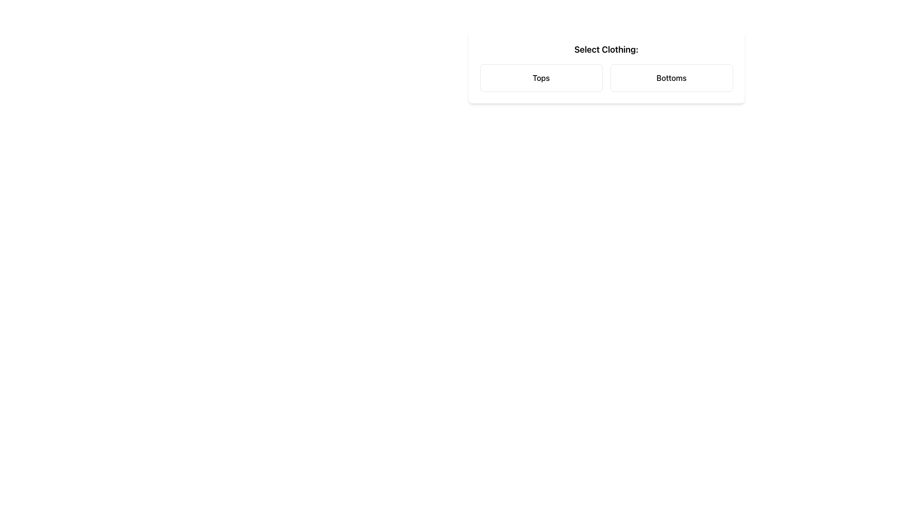  I want to click on the 'Bottoms' category button in the 'Select Clothing' section, so click(671, 77).